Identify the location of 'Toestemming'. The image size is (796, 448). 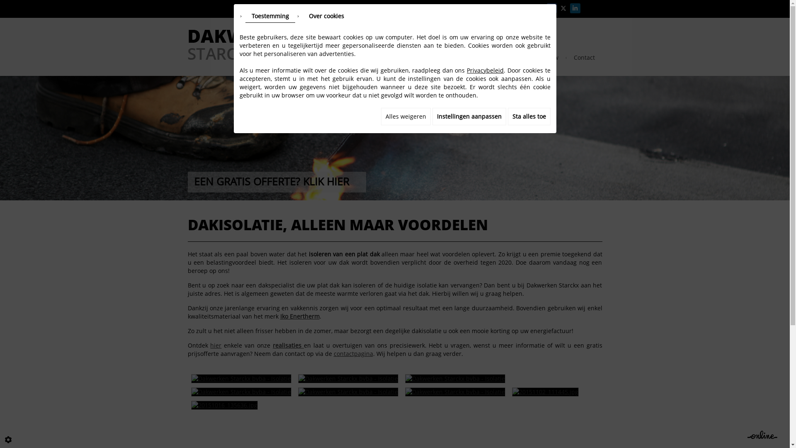
(270, 16).